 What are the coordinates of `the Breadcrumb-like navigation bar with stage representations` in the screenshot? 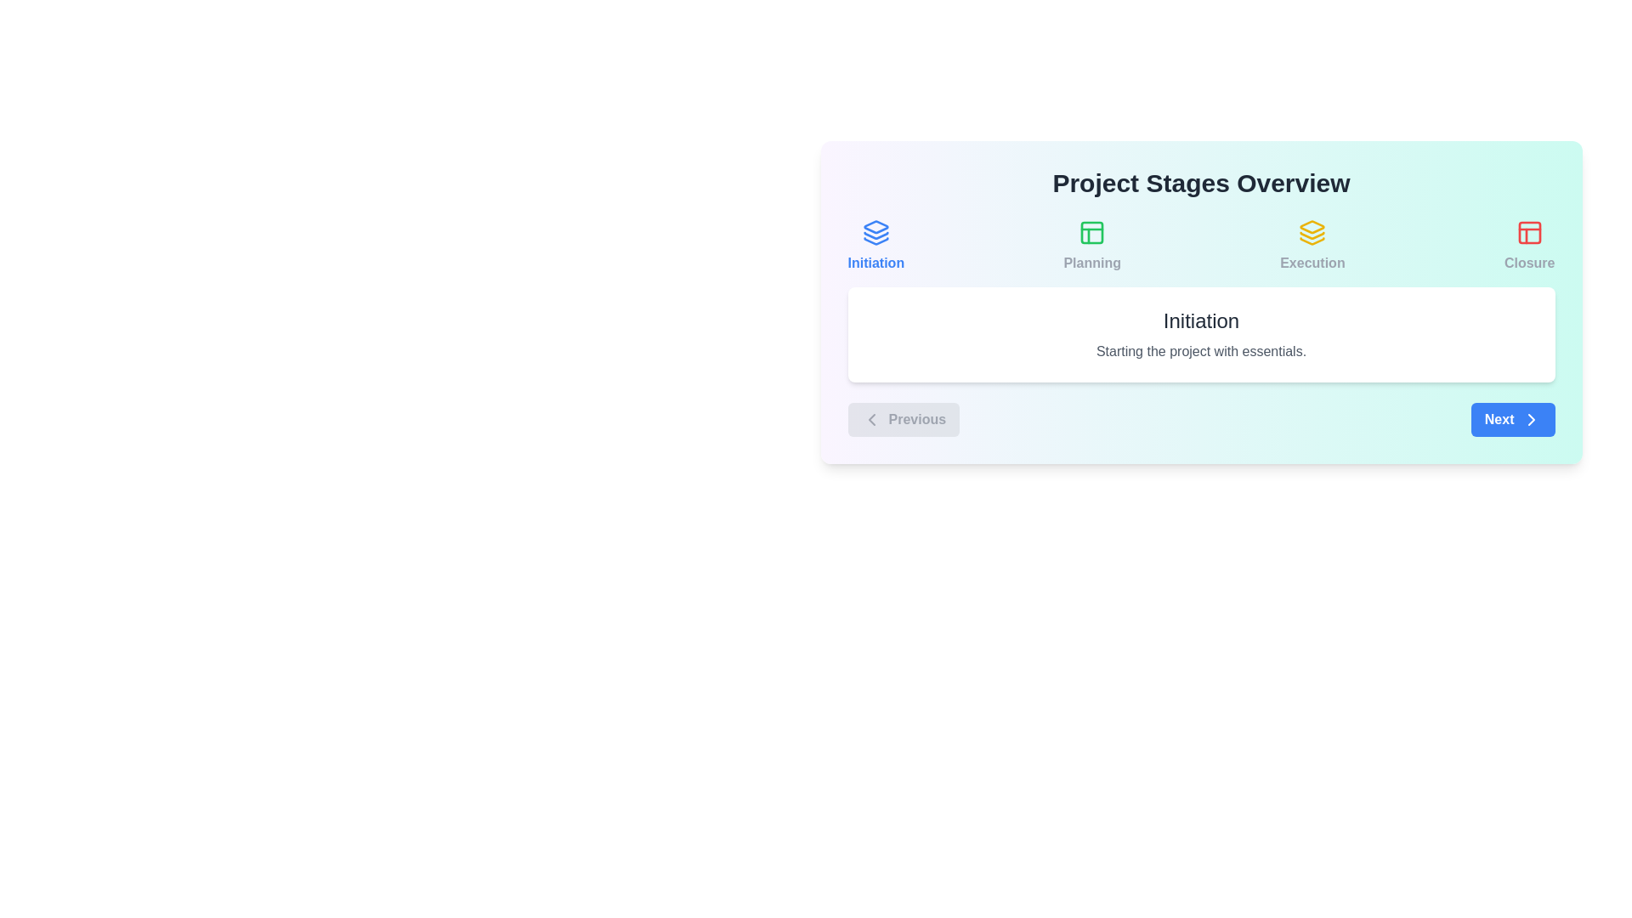 It's located at (1200, 246).